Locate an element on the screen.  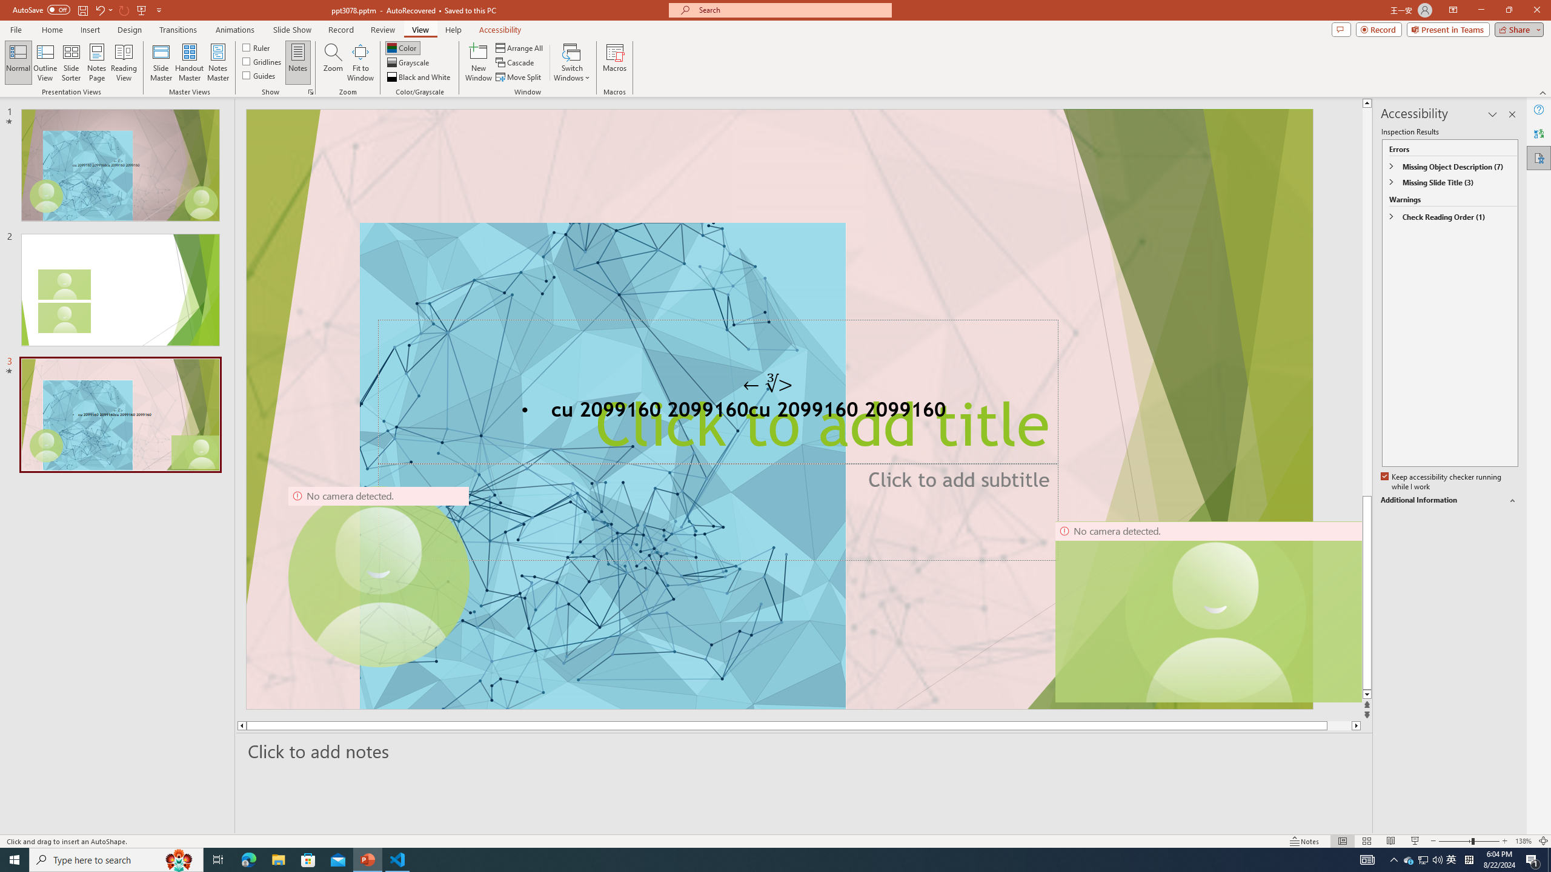
'Cascade' is located at coordinates (516, 62).